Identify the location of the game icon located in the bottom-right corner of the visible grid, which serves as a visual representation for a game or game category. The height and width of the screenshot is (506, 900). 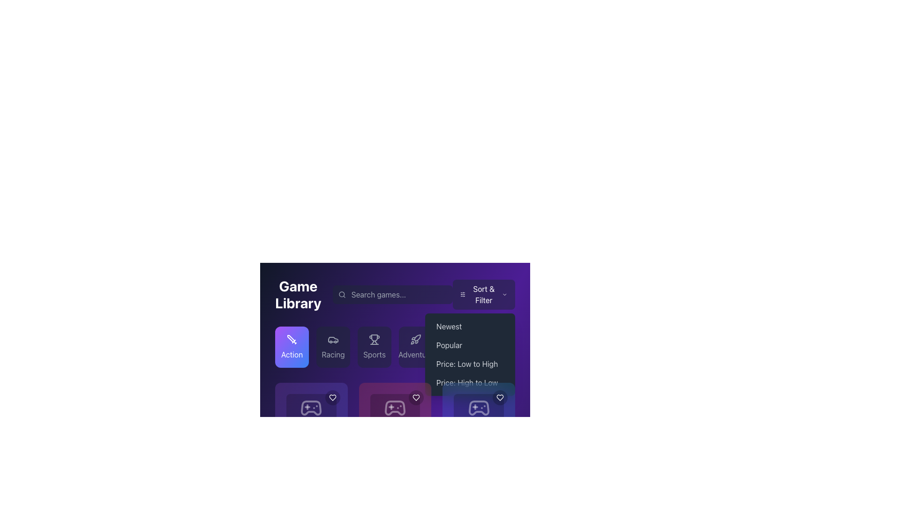
(479, 408).